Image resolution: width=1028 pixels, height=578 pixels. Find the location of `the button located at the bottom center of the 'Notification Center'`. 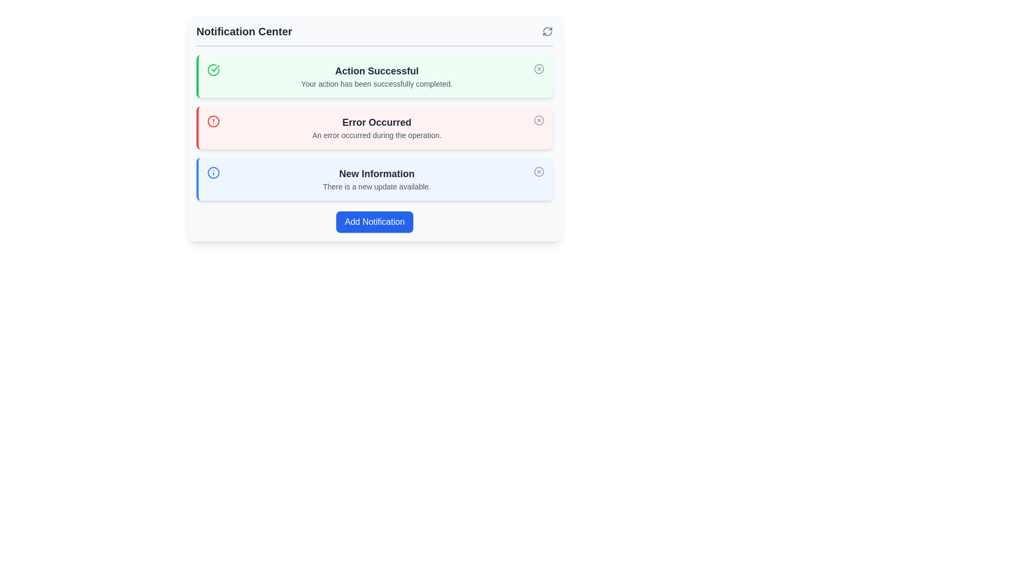

the button located at the bottom center of the 'Notification Center' is located at coordinates (375, 222).